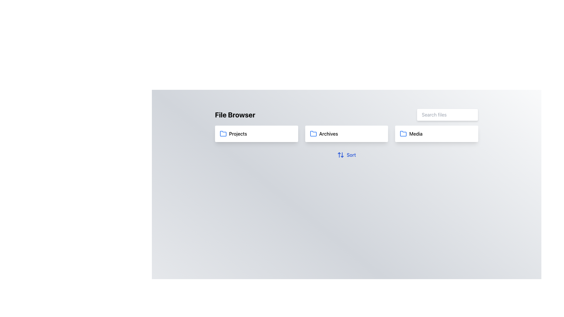 The height and width of the screenshot is (317, 564). I want to click on the folder icon with a blue minimalist line art design located in the bottom-right part of the 'Media' card, directly to the left of the 'Media' text label, so click(403, 134).